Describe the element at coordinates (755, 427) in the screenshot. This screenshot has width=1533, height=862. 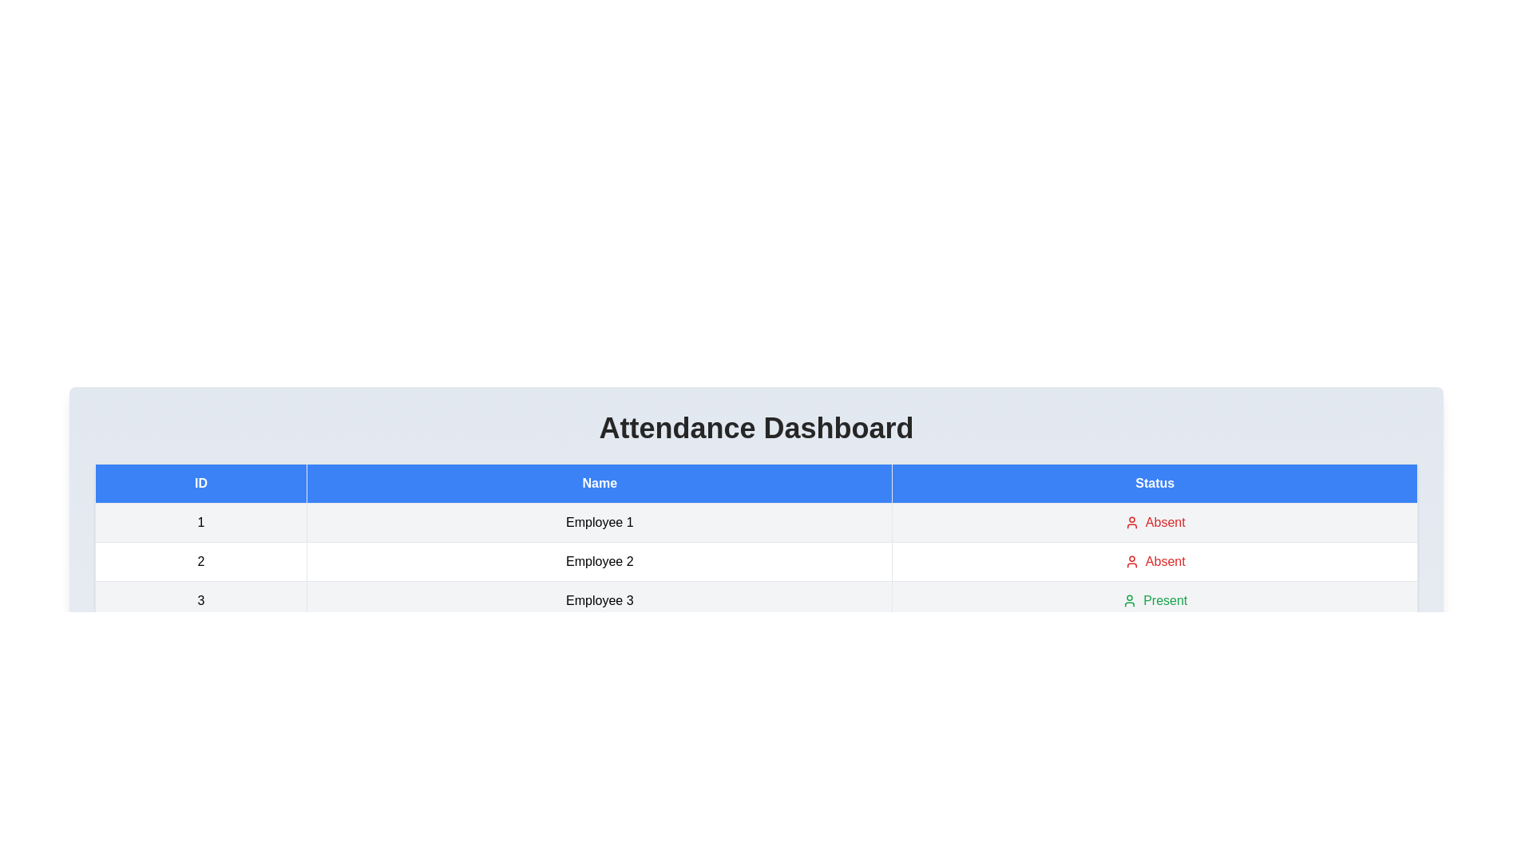
I see `the 'Attendance Dashboard' header` at that location.